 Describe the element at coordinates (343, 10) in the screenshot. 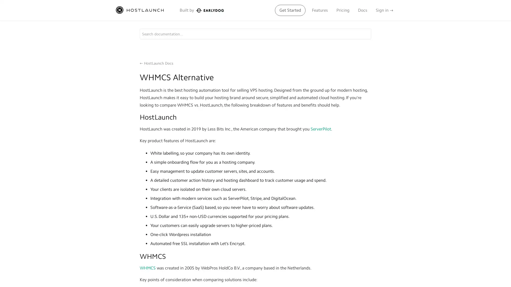

I see `Pricing` at that location.